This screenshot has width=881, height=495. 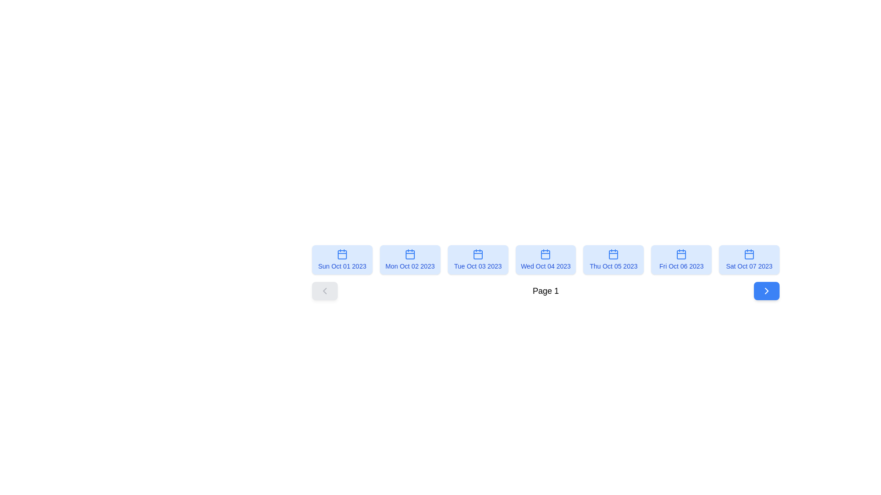 What do you see at coordinates (546, 254) in the screenshot?
I see `the calendar icon with a blue outline and grid-like design located within the card labeled 'Wed Oct 04 2023'` at bounding box center [546, 254].